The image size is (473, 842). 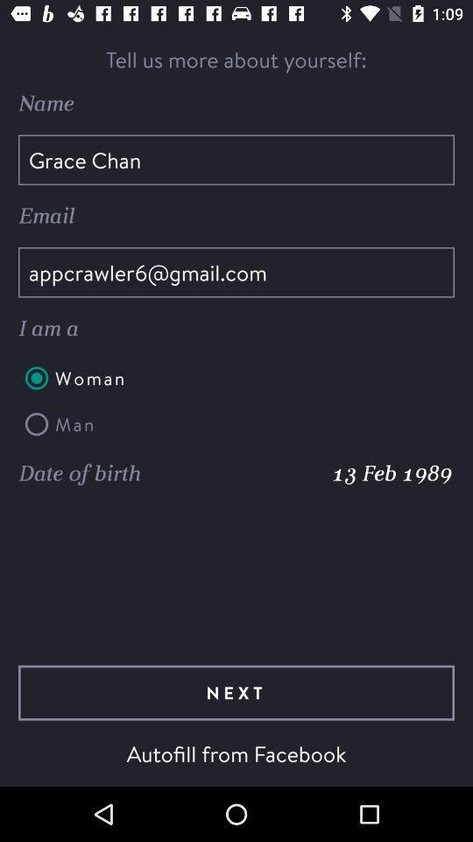 What do you see at coordinates (236, 693) in the screenshot?
I see `item above autofill from facebook` at bounding box center [236, 693].